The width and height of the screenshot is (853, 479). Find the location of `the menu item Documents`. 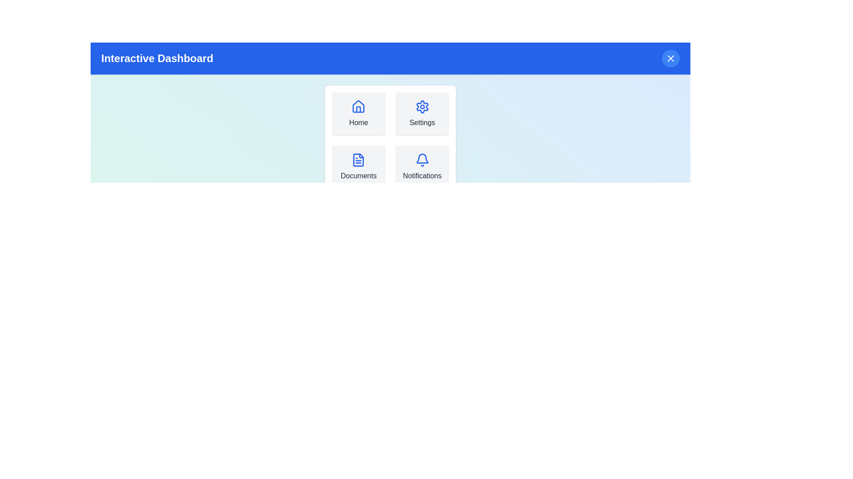

the menu item Documents is located at coordinates (358, 167).